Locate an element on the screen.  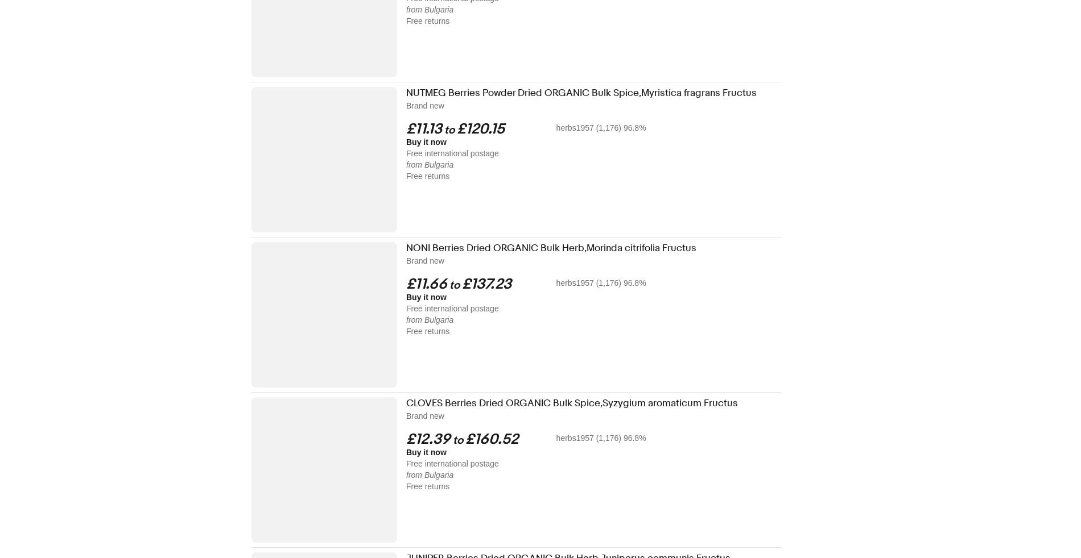
'£12.39' is located at coordinates (427, 439).